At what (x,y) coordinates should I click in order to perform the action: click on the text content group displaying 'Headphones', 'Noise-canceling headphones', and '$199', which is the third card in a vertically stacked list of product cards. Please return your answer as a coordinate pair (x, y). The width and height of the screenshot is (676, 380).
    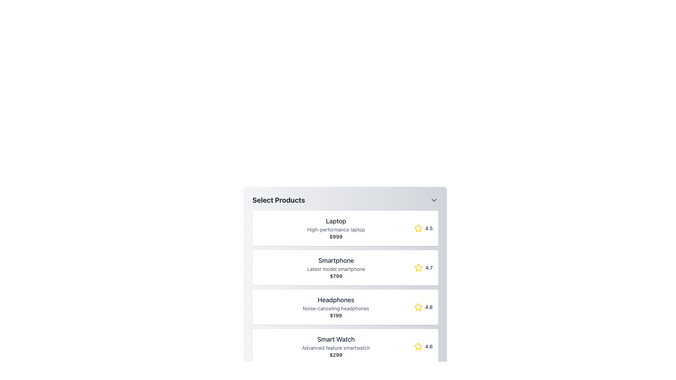
    Looking at the image, I should click on (336, 306).